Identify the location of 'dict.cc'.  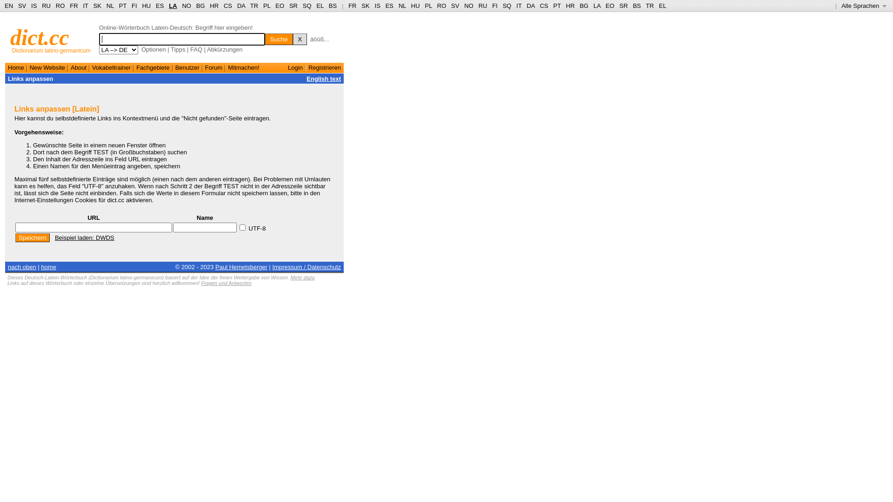
(39, 37).